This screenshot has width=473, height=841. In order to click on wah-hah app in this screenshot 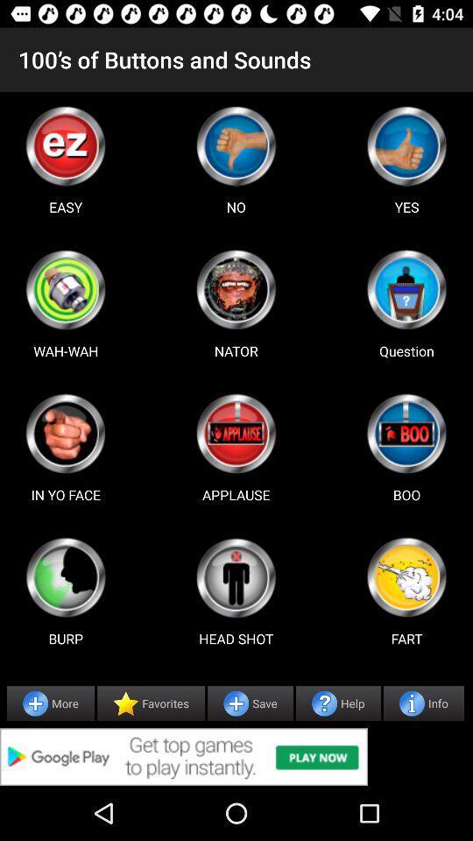, I will do `click(65, 289)`.